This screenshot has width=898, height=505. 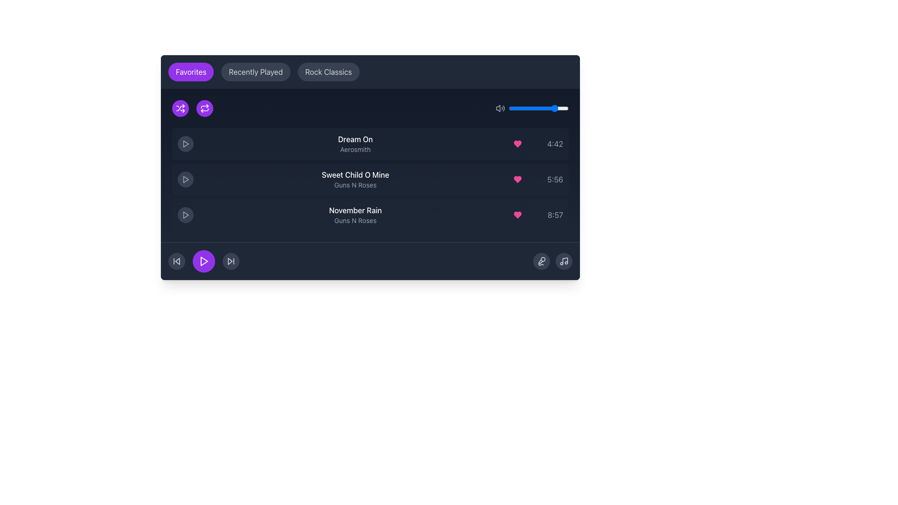 What do you see at coordinates (515, 108) in the screenshot?
I see `the volume` at bounding box center [515, 108].